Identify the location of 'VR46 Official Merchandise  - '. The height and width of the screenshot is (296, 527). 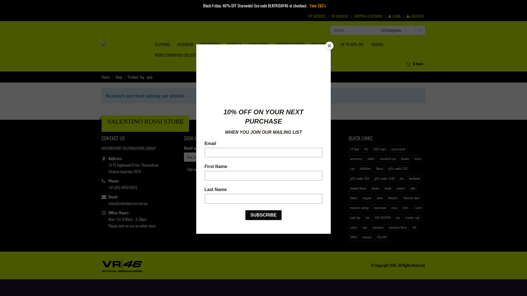
(122, 264).